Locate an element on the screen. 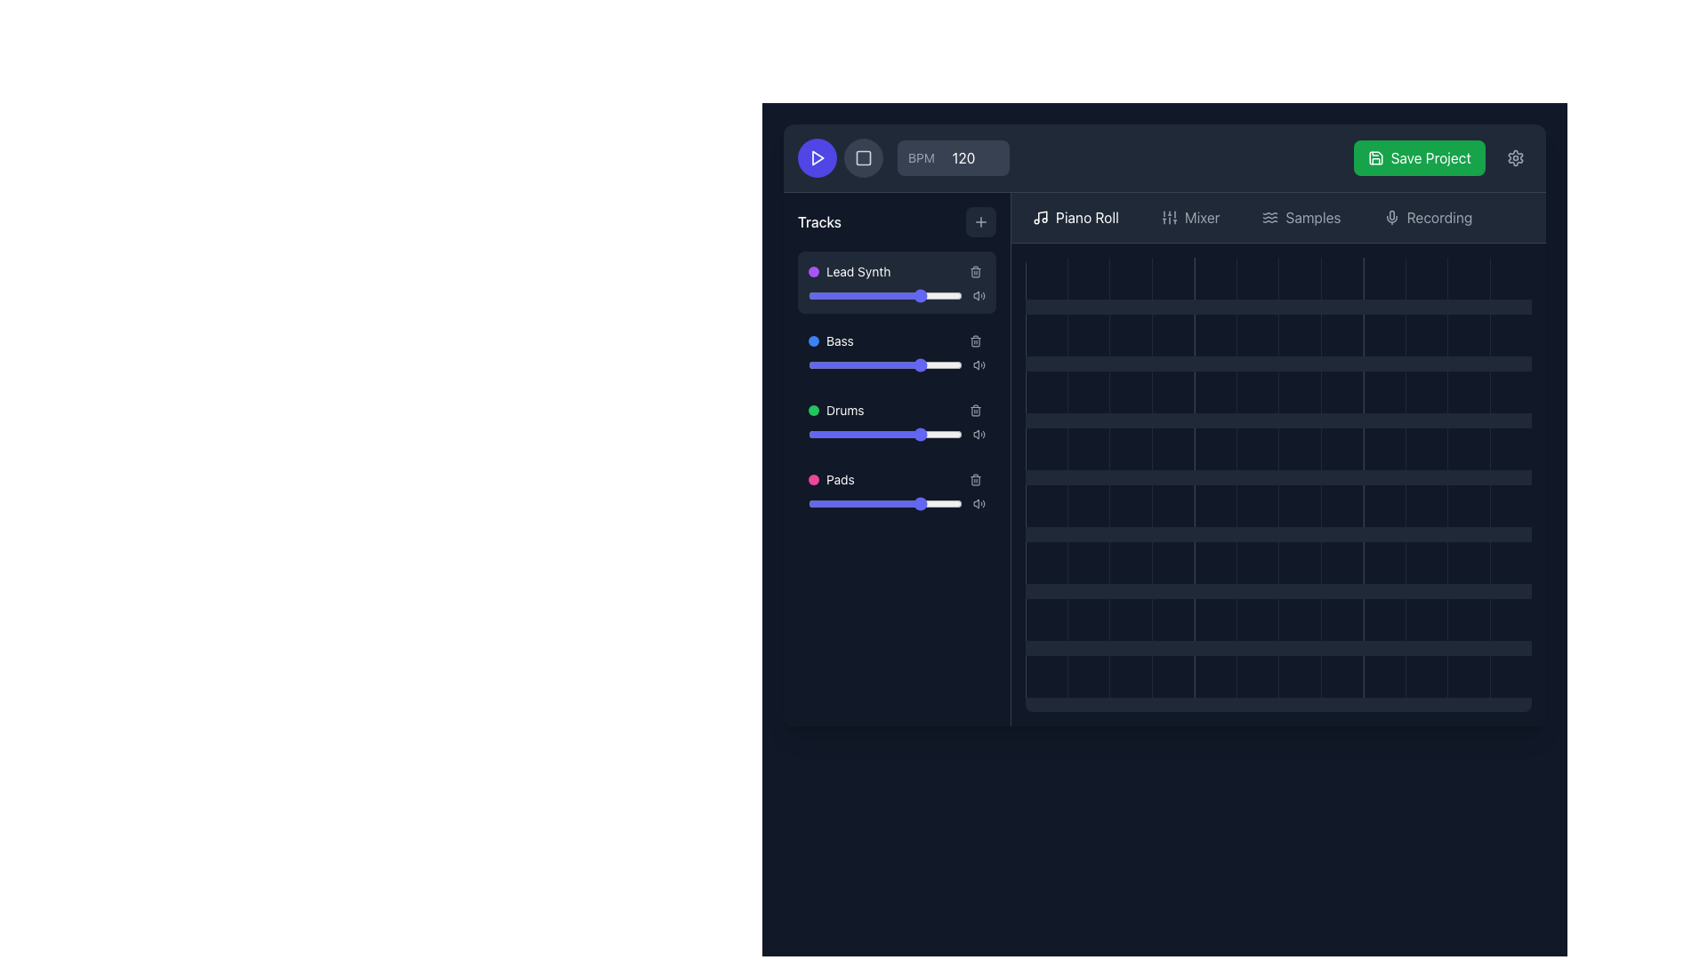  the list item with the text 'Pads' which has a pink circular indicator to its left is located at coordinates (830, 480).